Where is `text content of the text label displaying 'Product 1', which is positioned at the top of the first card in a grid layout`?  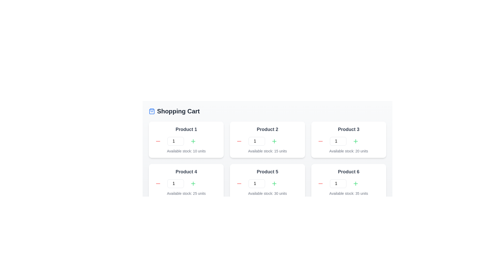
text content of the text label displaying 'Product 1', which is positioned at the top of the first card in a grid layout is located at coordinates (186, 129).